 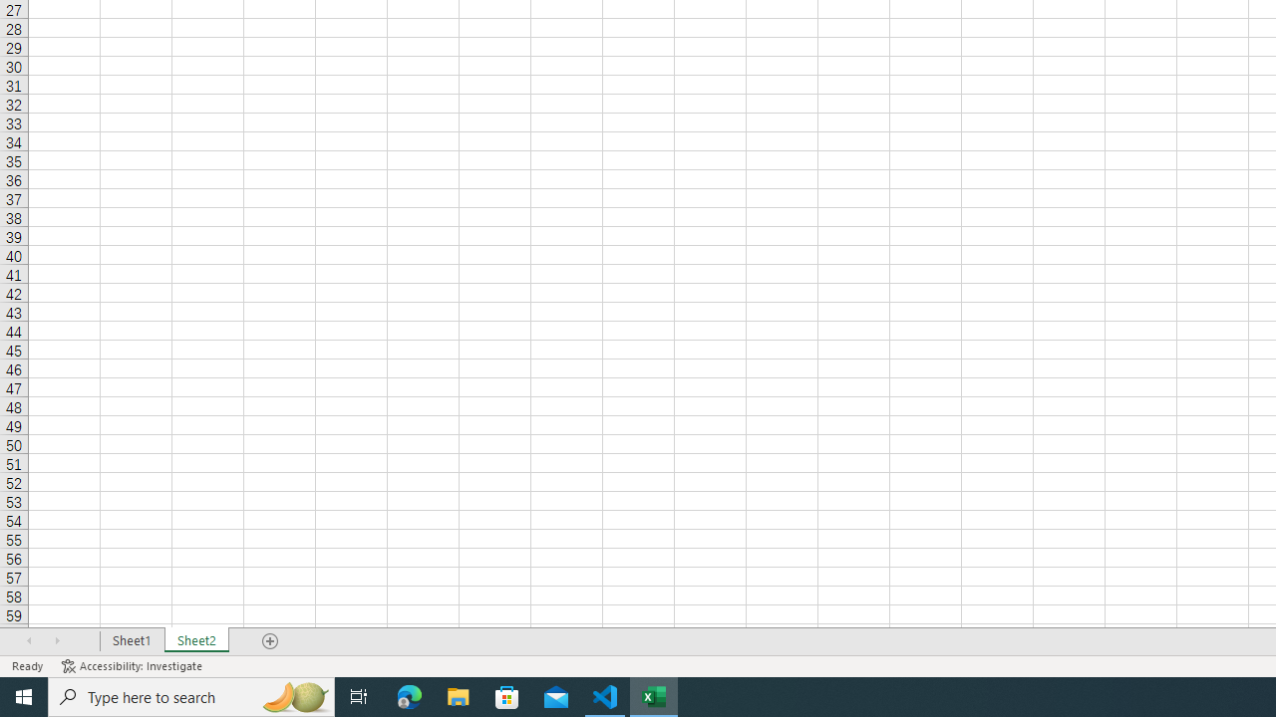 I want to click on 'Accessibility Checker Accessibility: Investigate', so click(x=133, y=666).